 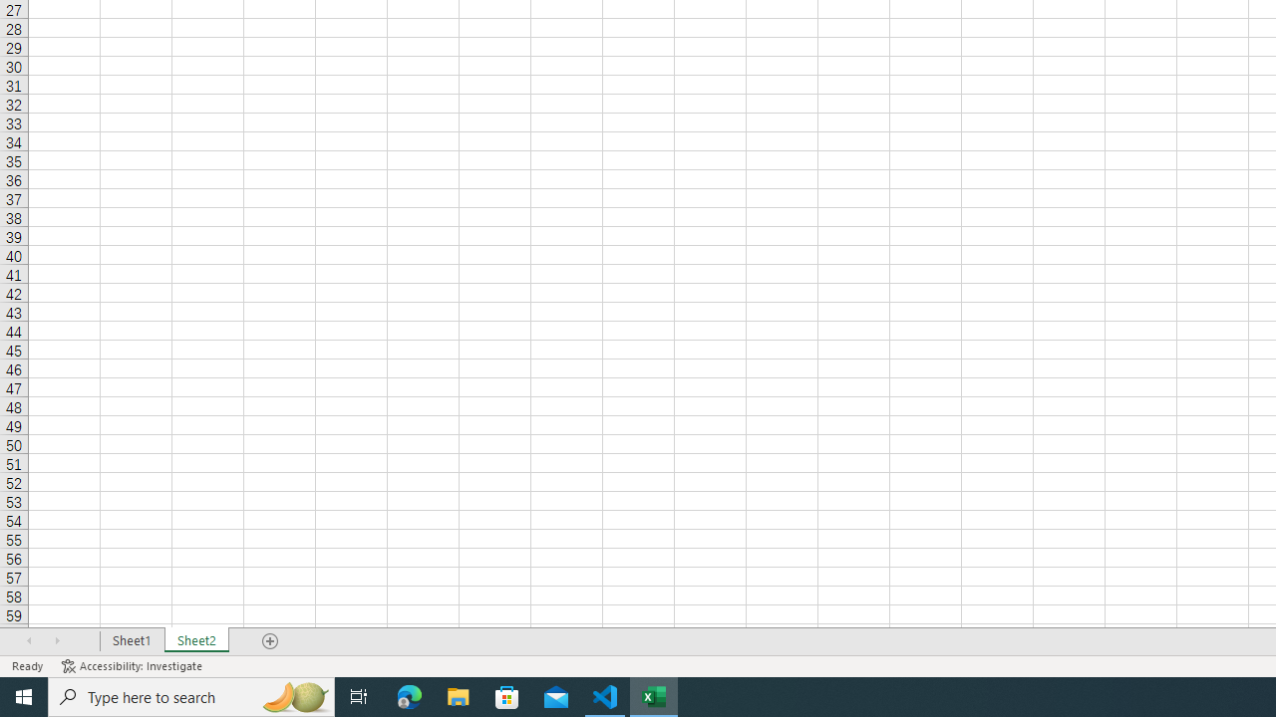 I want to click on 'Accessibility Checker Accessibility: Investigate', so click(x=133, y=666).